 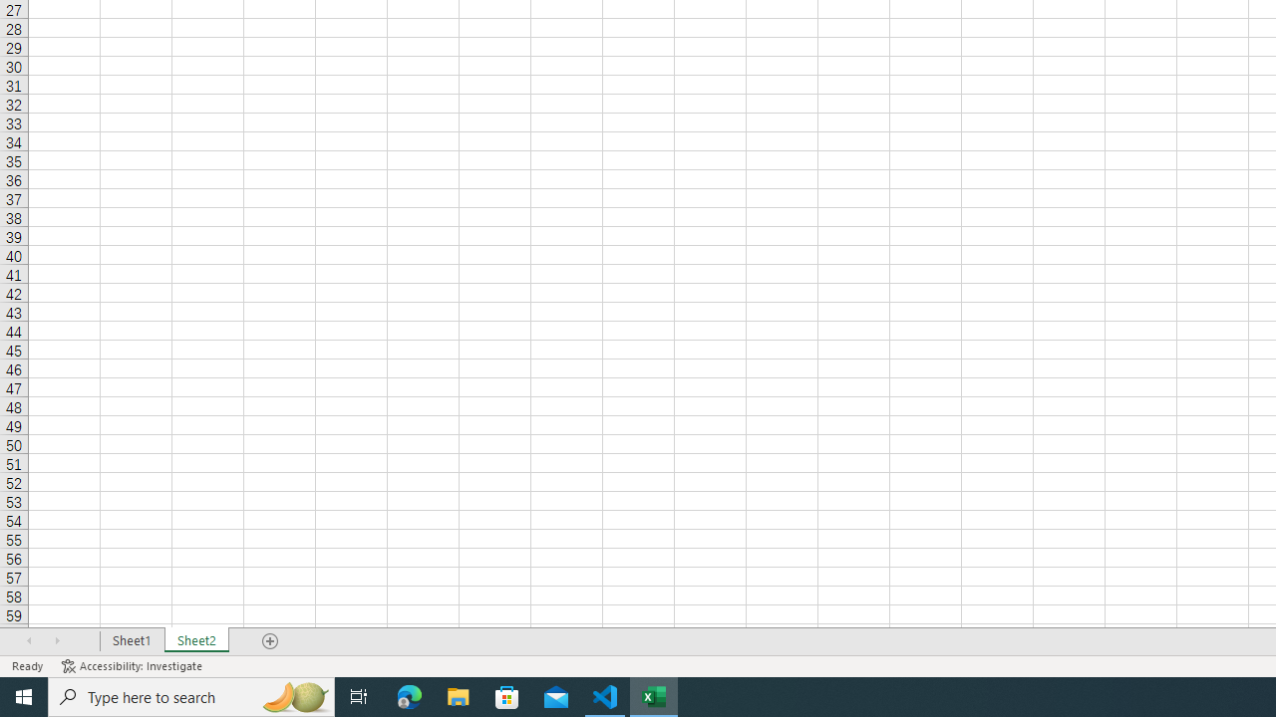 I want to click on 'Accessibility Checker Accessibility: Investigate', so click(x=133, y=666).